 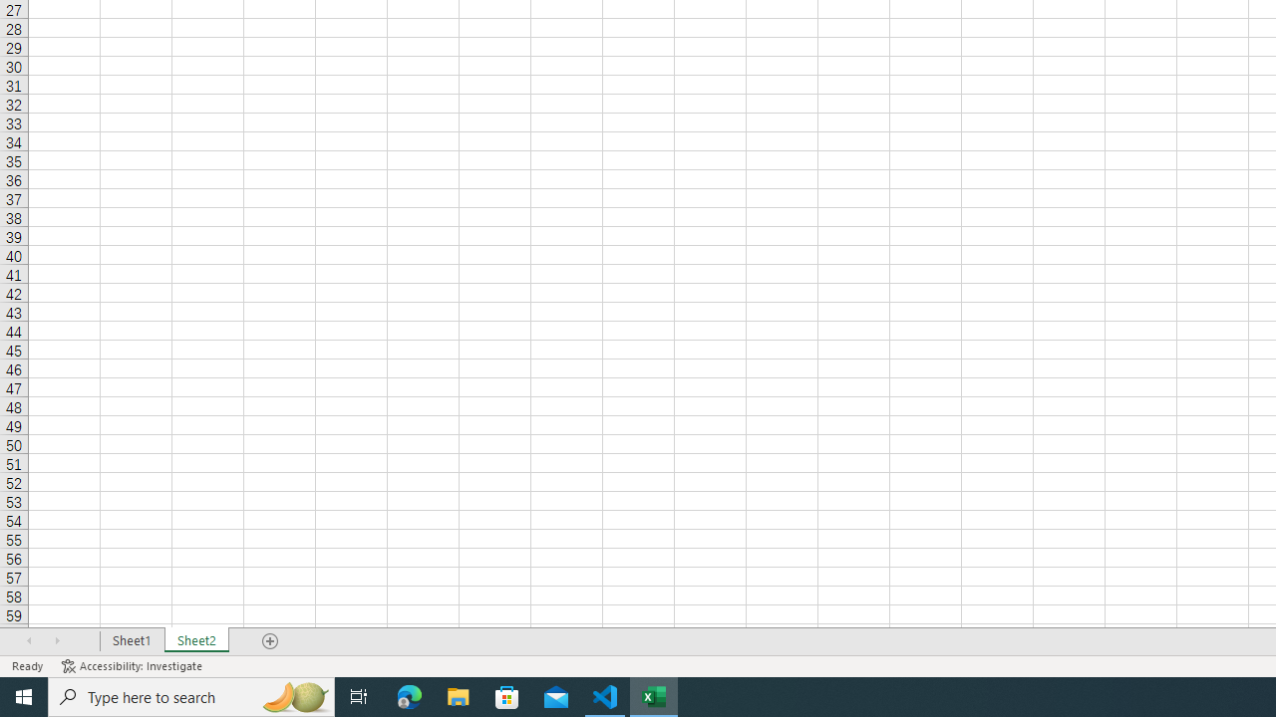 I want to click on 'Accessibility Checker Accessibility: Investigate', so click(x=133, y=666).